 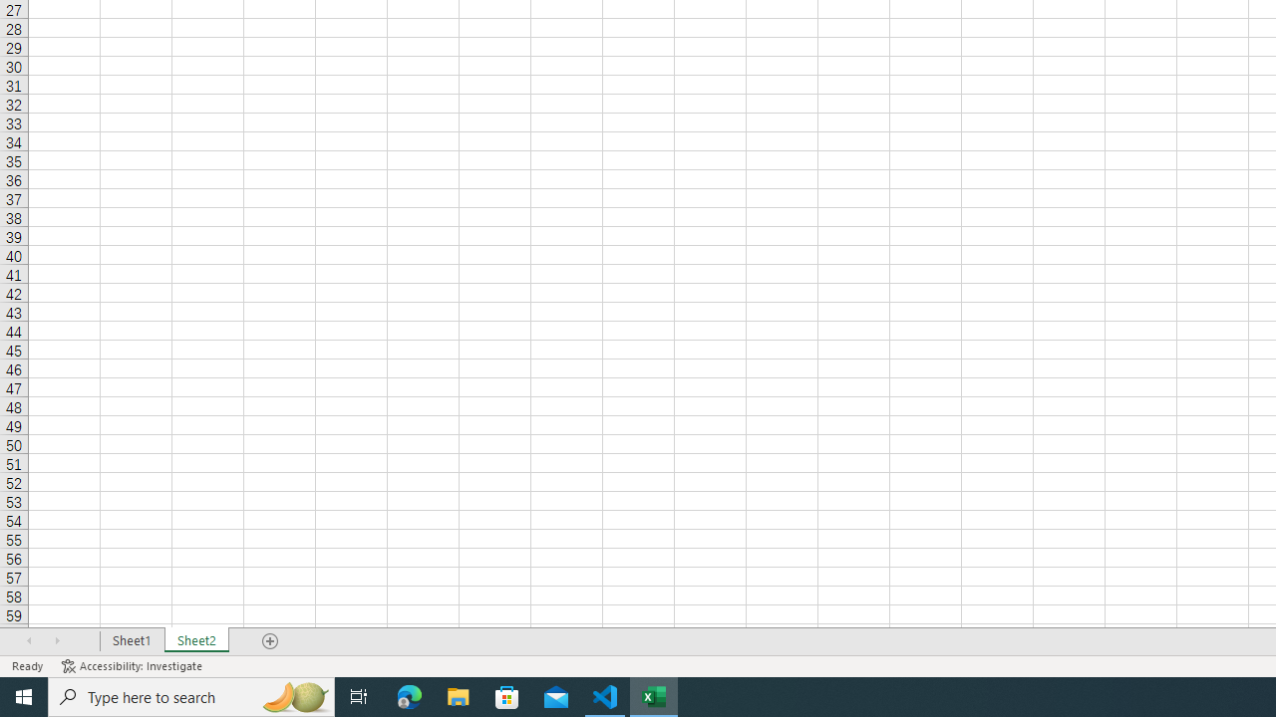 I want to click on 'Accessibility Checker Accessibility: Investigate', so click(x=133, y=666).